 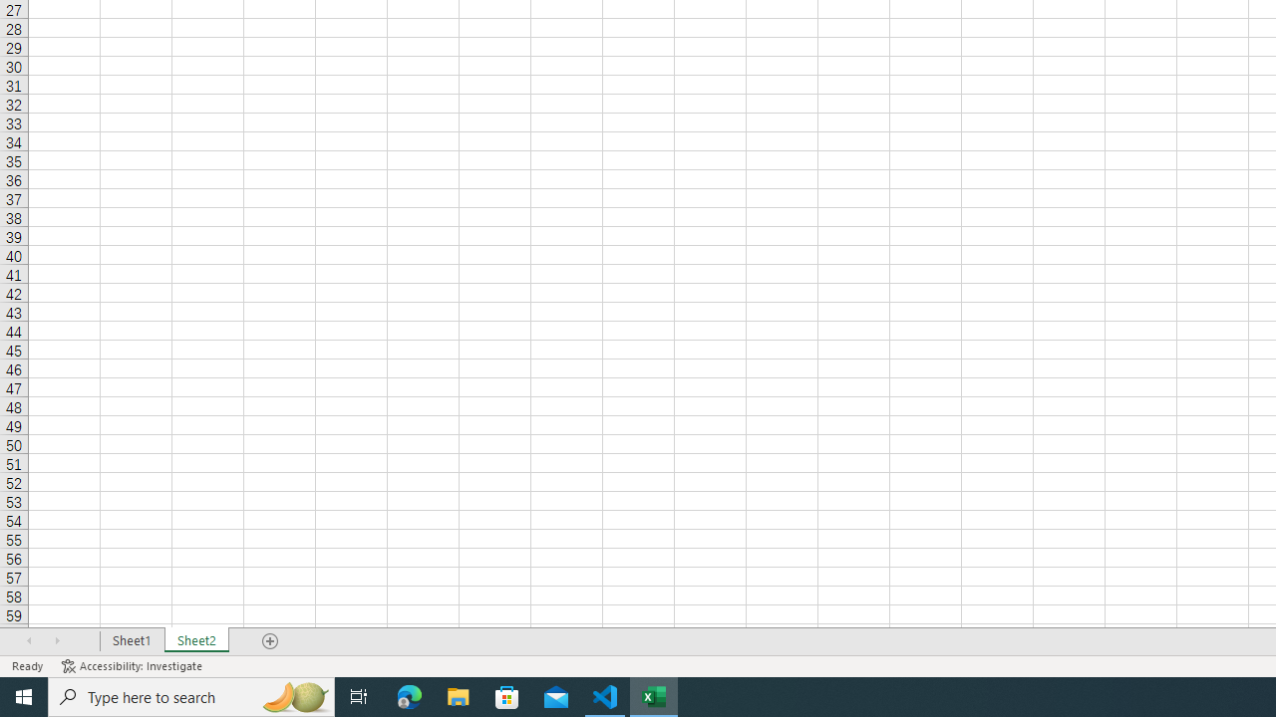 I want to click on 'Accessibility Checker Accessibility: Investigate', so click(x=133, y=666).